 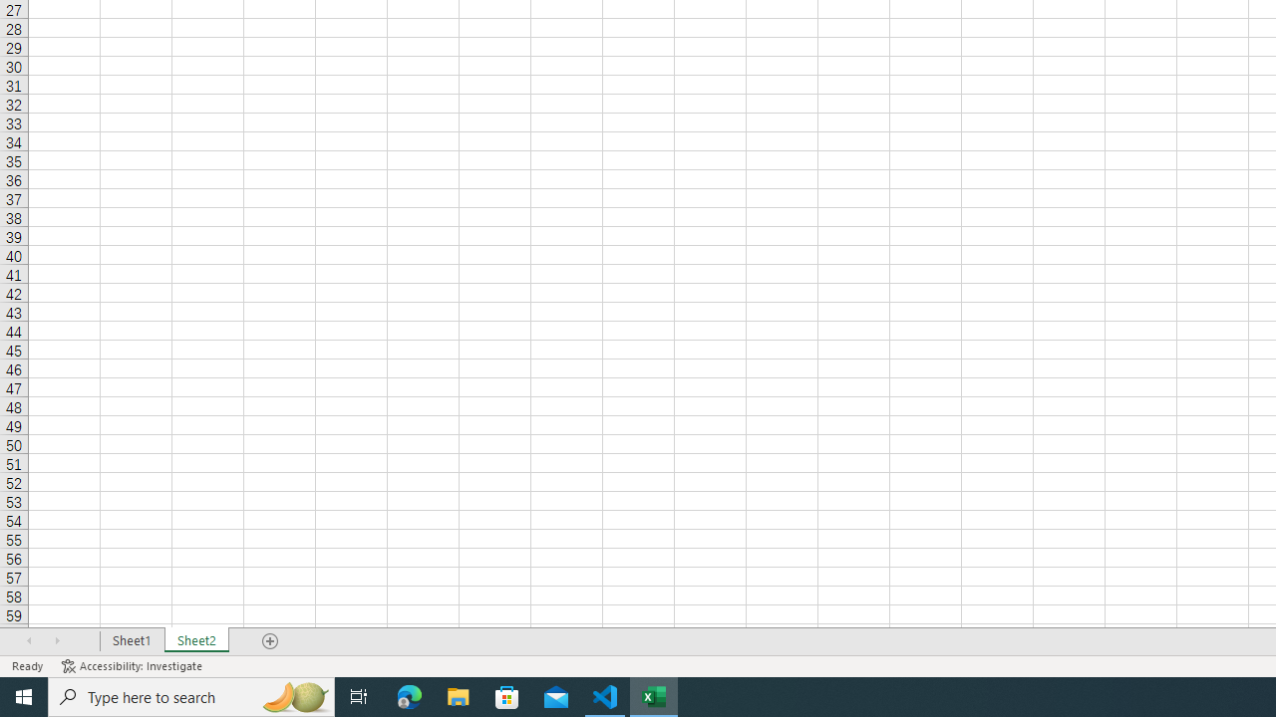 I want to click on 'Accessibility Checker Accessibility: Investigate', so click(x=133, y=666).